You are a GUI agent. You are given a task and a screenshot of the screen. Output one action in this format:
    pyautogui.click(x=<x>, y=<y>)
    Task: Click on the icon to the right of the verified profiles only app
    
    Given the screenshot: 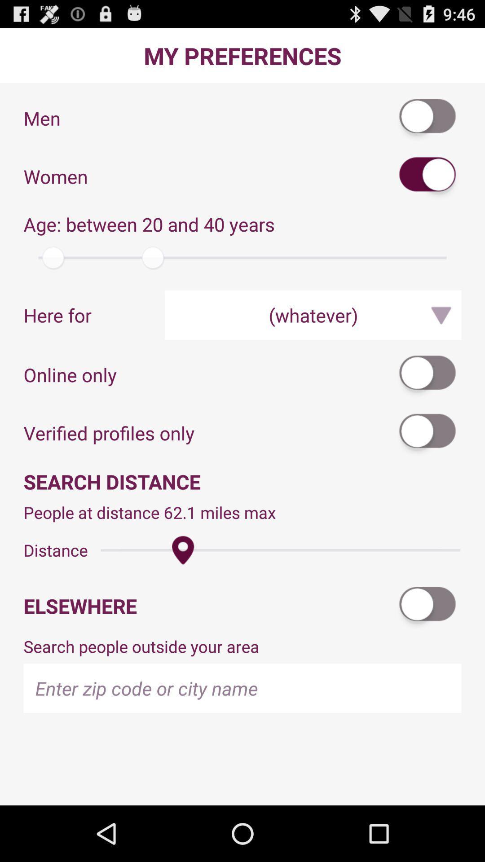 What is the action you would take?
    pyautogui.click(x=428, y=433)
    